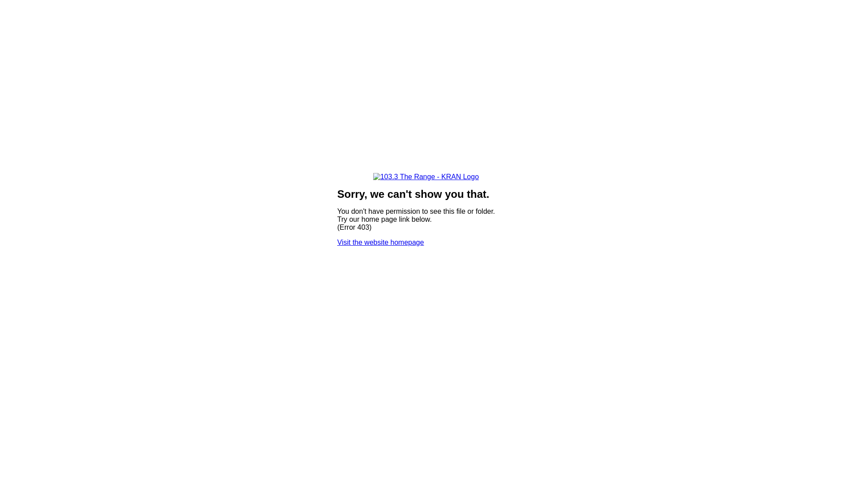  What do you see at coordinates (380, 242) in the screenshot?
I see `'Visit the website homepage'` at bounding box center [380, 242].